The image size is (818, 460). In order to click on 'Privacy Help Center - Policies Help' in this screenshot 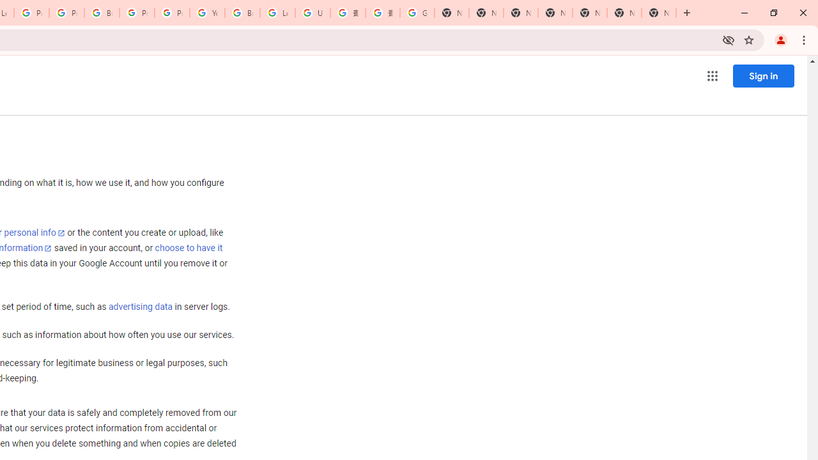, I will do `click(31, 13)`.